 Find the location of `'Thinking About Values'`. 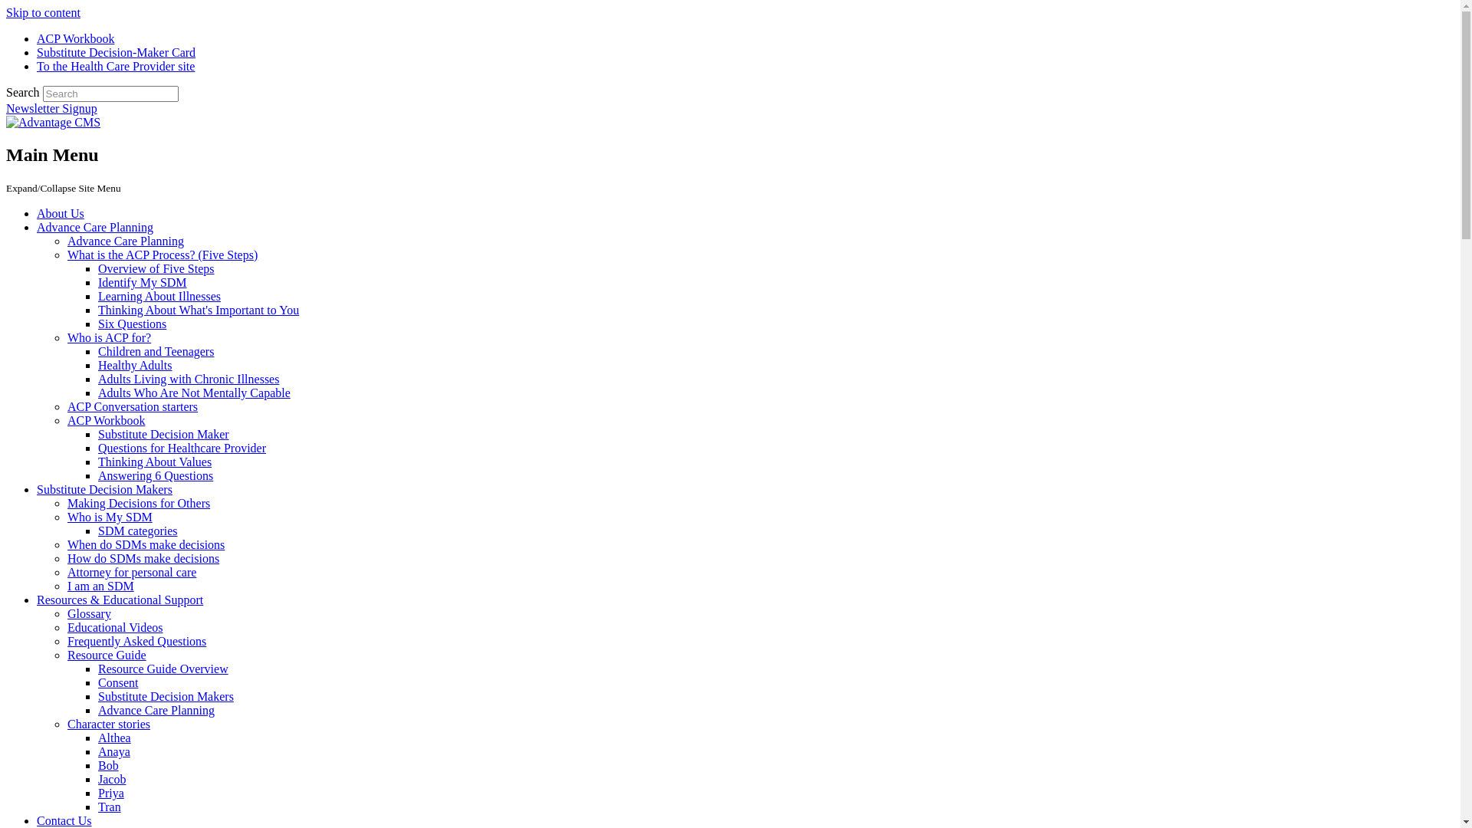

'Thinking About Values' is located at coordinates (154, 461).